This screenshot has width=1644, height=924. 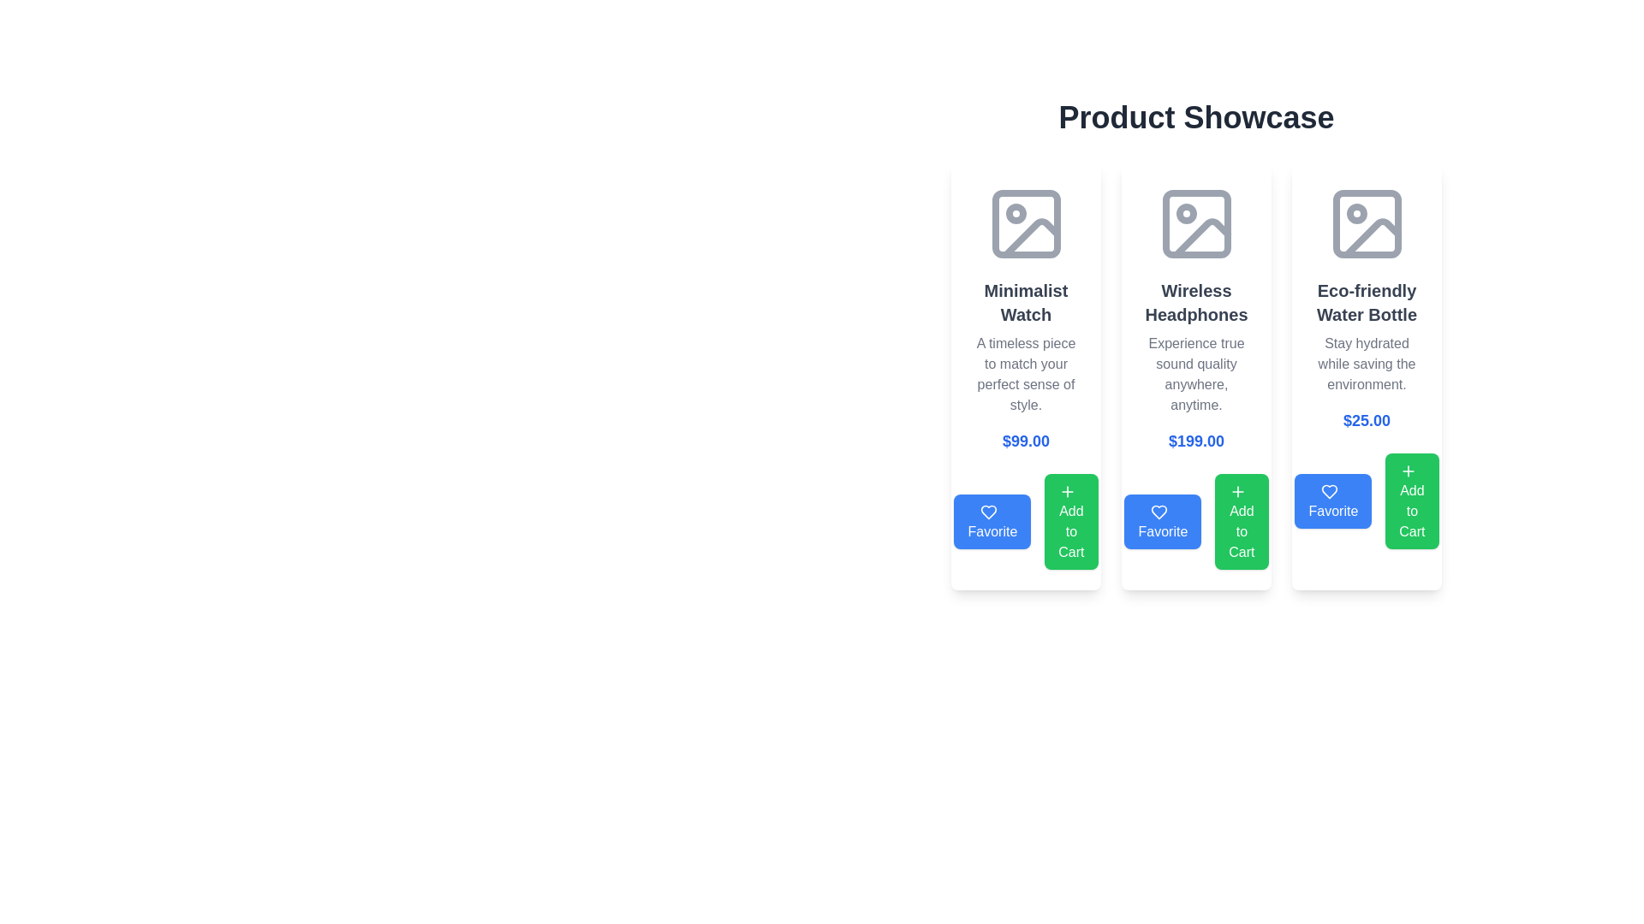 What do you see at coordinates (1195, 302) in the screenshot?
I see `the text label displaying 'Wireless Headphones' which is styled in a bold, large dark gray font, centered in the second card of three horizontal cards` at bounding box center [1195, 302].